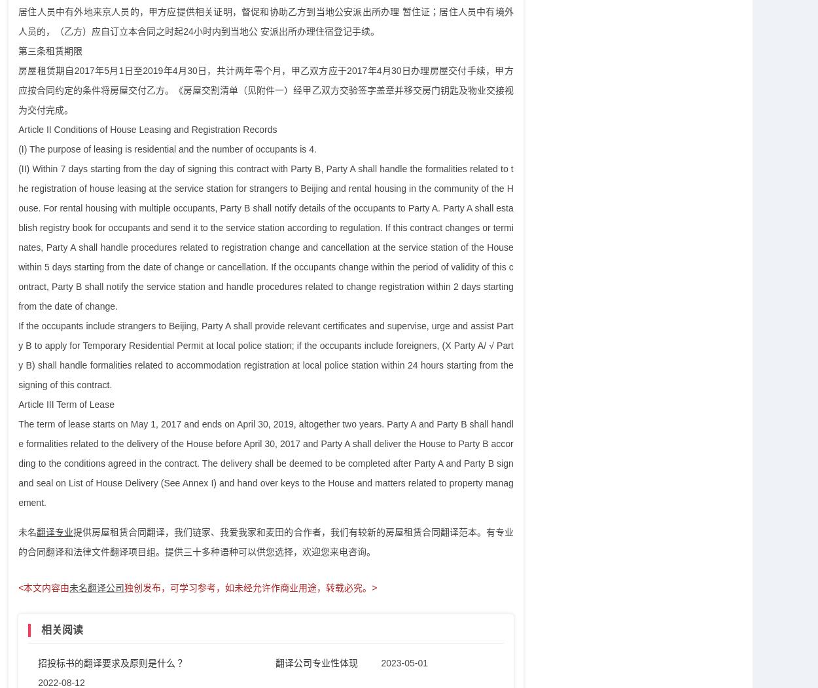 This screenshot has width=818, height=688. What do you see at coordinates (43, 587) in the screenshot?
I see `'<本文内容由'` at bounding box center [43, 587].